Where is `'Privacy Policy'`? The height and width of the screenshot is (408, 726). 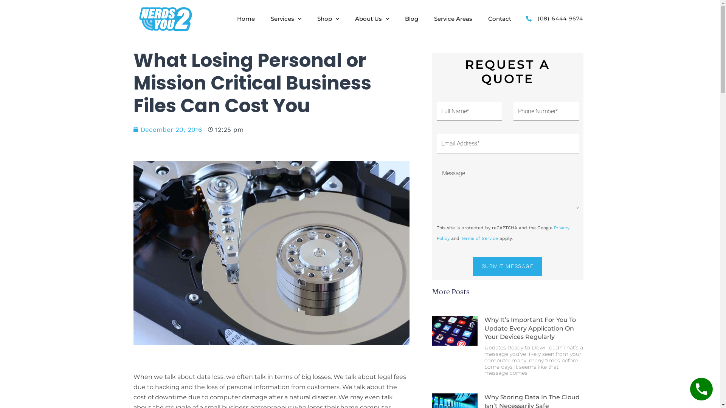
'Privacy Policy' is located at coordinates (503, 232).